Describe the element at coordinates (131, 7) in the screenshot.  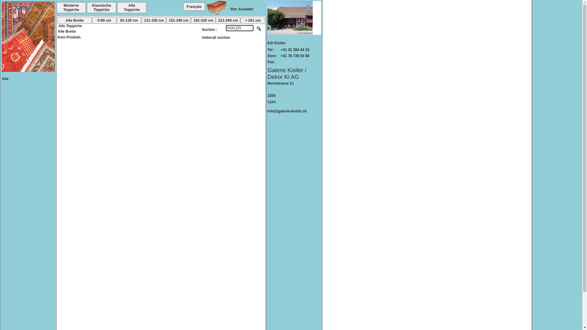
I see `'Alte` at that location.